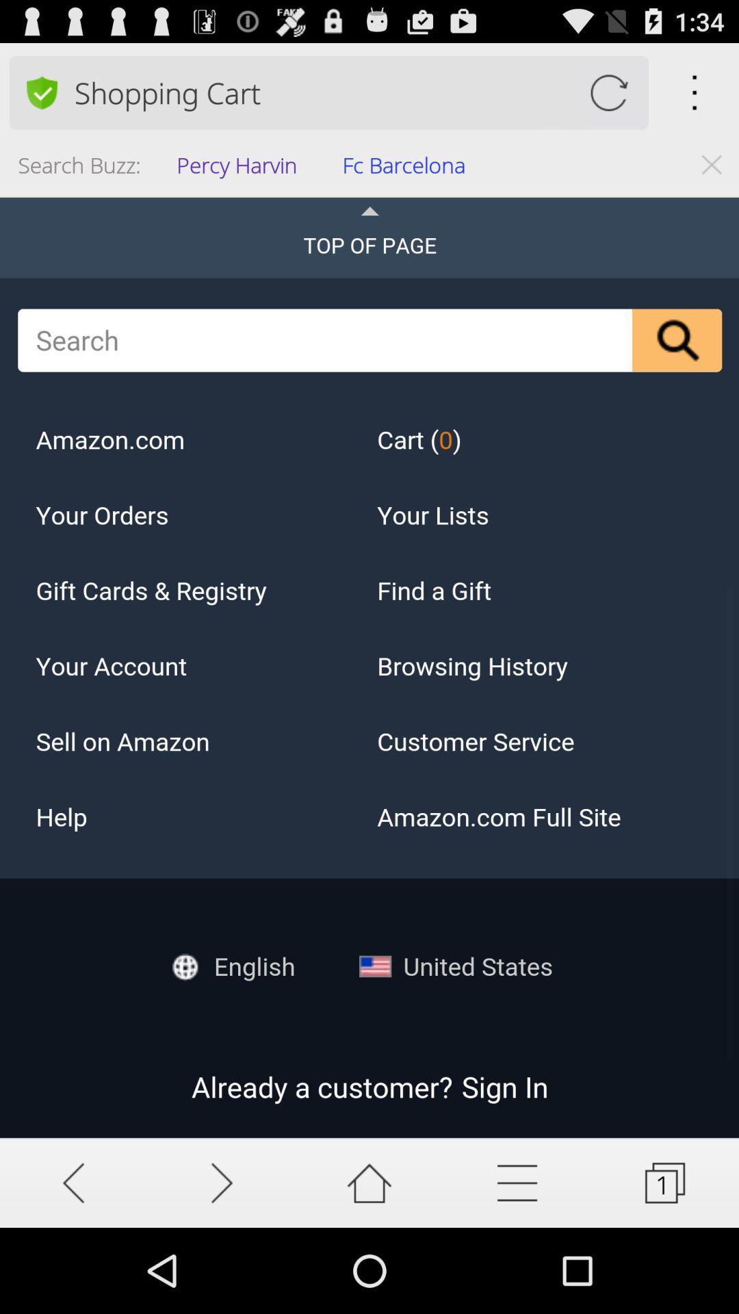  Describe the element at coordinates (361, 92) in the screenshot. I see `shopping cart item` at that location.